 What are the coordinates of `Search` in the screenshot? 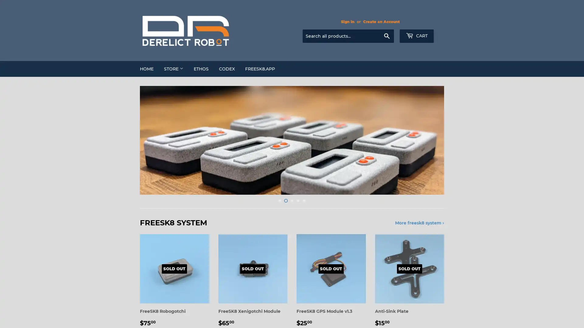 It's located at (386, 36).